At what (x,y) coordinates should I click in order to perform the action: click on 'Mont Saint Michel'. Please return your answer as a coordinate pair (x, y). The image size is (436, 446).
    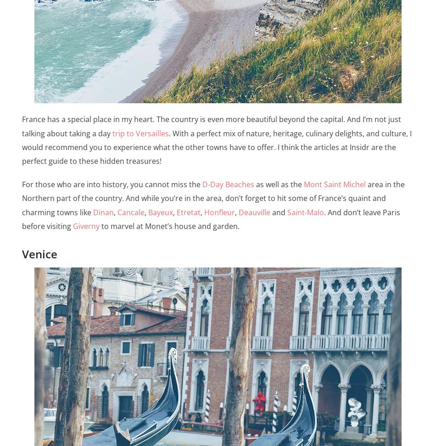
    Looking at the image, I should click on (303, 184).